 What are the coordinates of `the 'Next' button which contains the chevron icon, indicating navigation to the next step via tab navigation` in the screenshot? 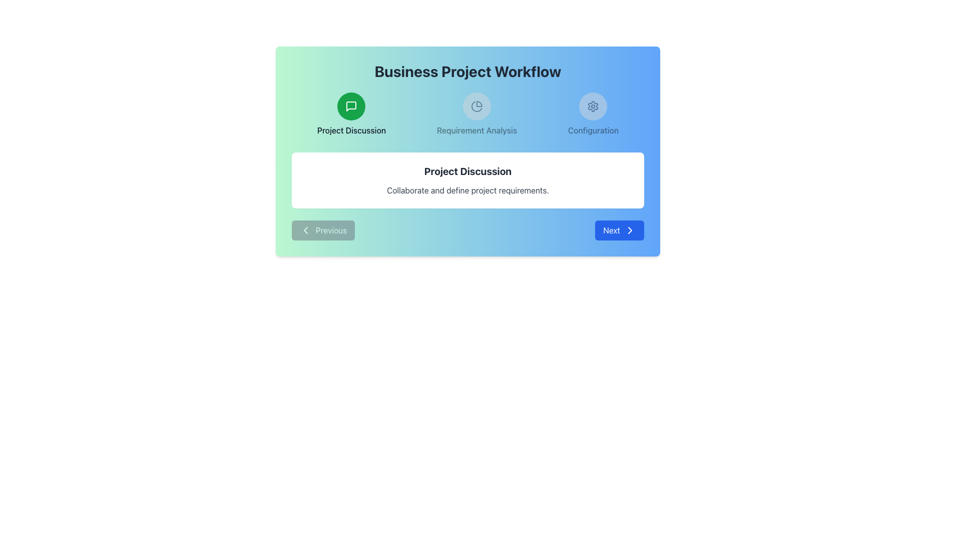 It's located at (629, 230).